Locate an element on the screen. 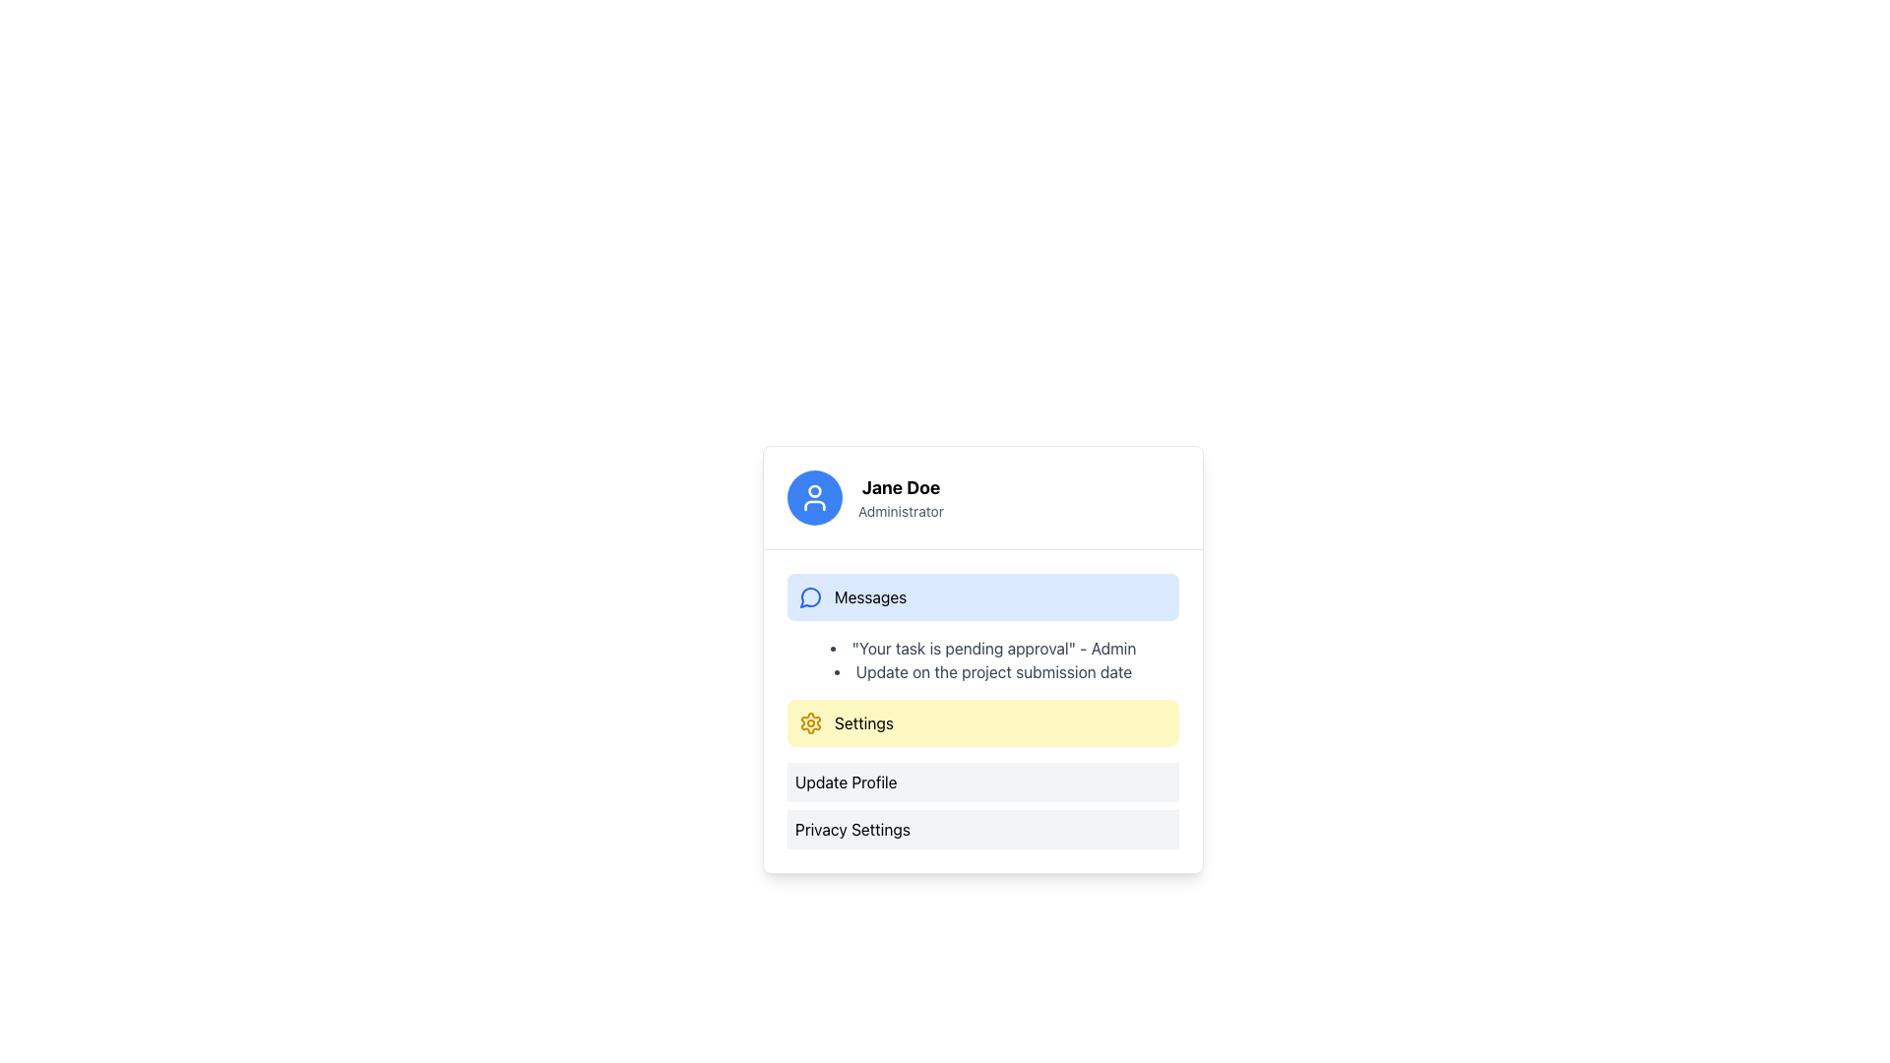 The height and width of the screenshot is (1063, 1890). the circular user icon with a blue background and white border located at the top of the card component, adjacent to the text 'Jane Doe' and 'Administrator' is located at coordinates (815, 496).